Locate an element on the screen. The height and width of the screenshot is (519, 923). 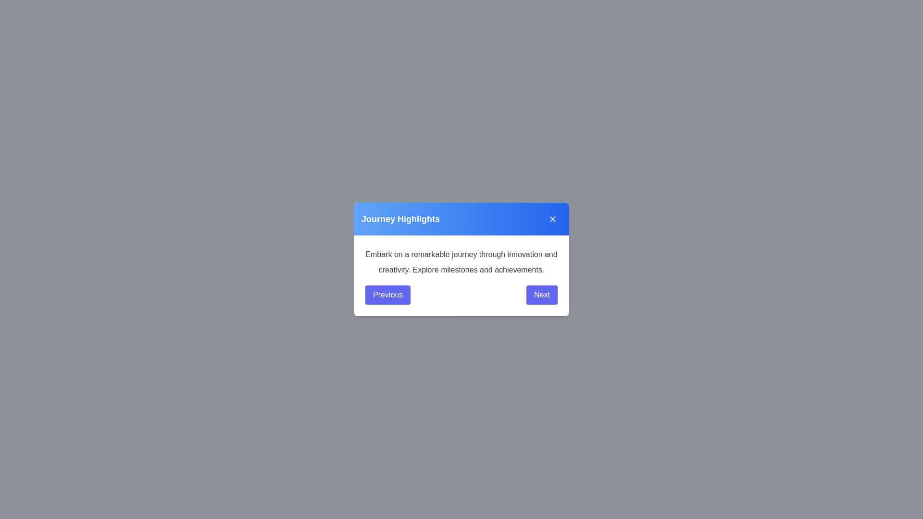
the rectangular 'Previous' button with white text on a blue background, located in the bottom-left area of a modal dialog box, to change its appearance is located at coordinates (388, 294).